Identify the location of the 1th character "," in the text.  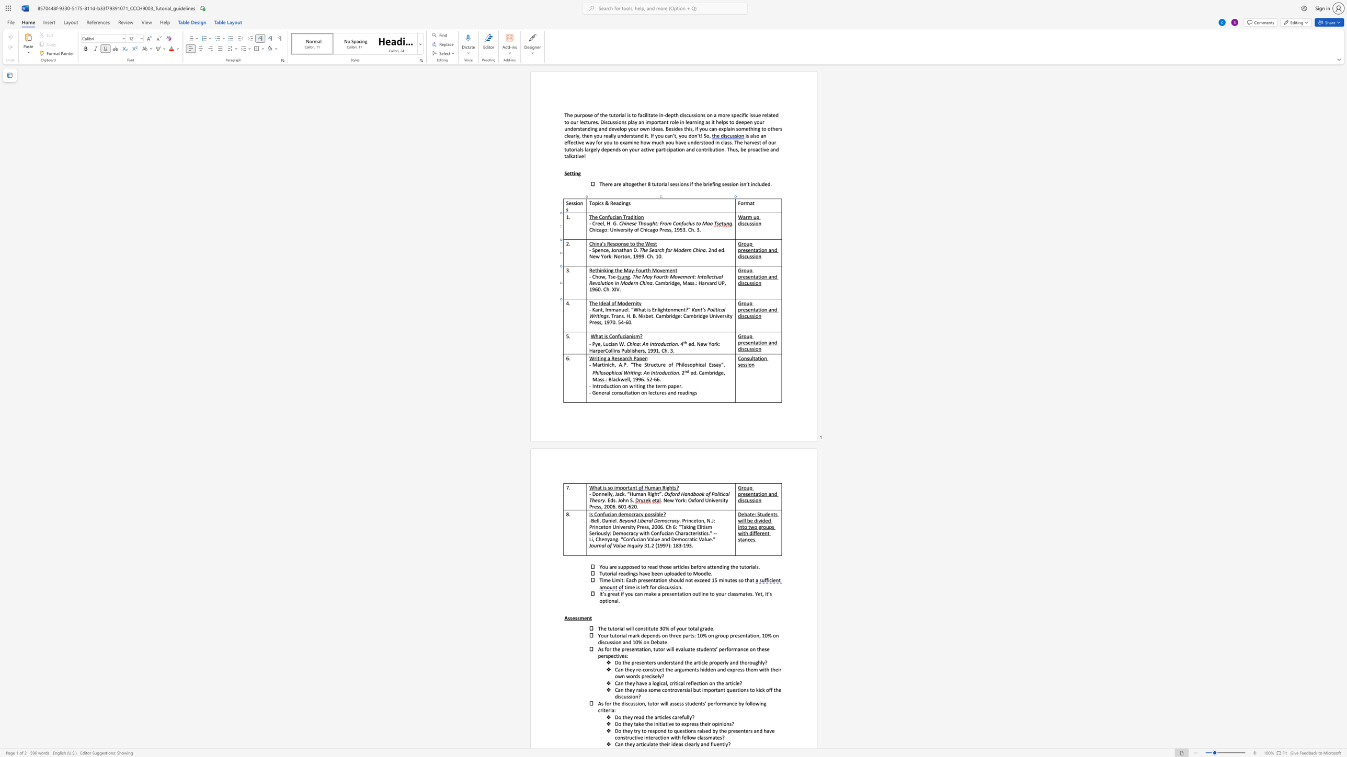
(605, 276).